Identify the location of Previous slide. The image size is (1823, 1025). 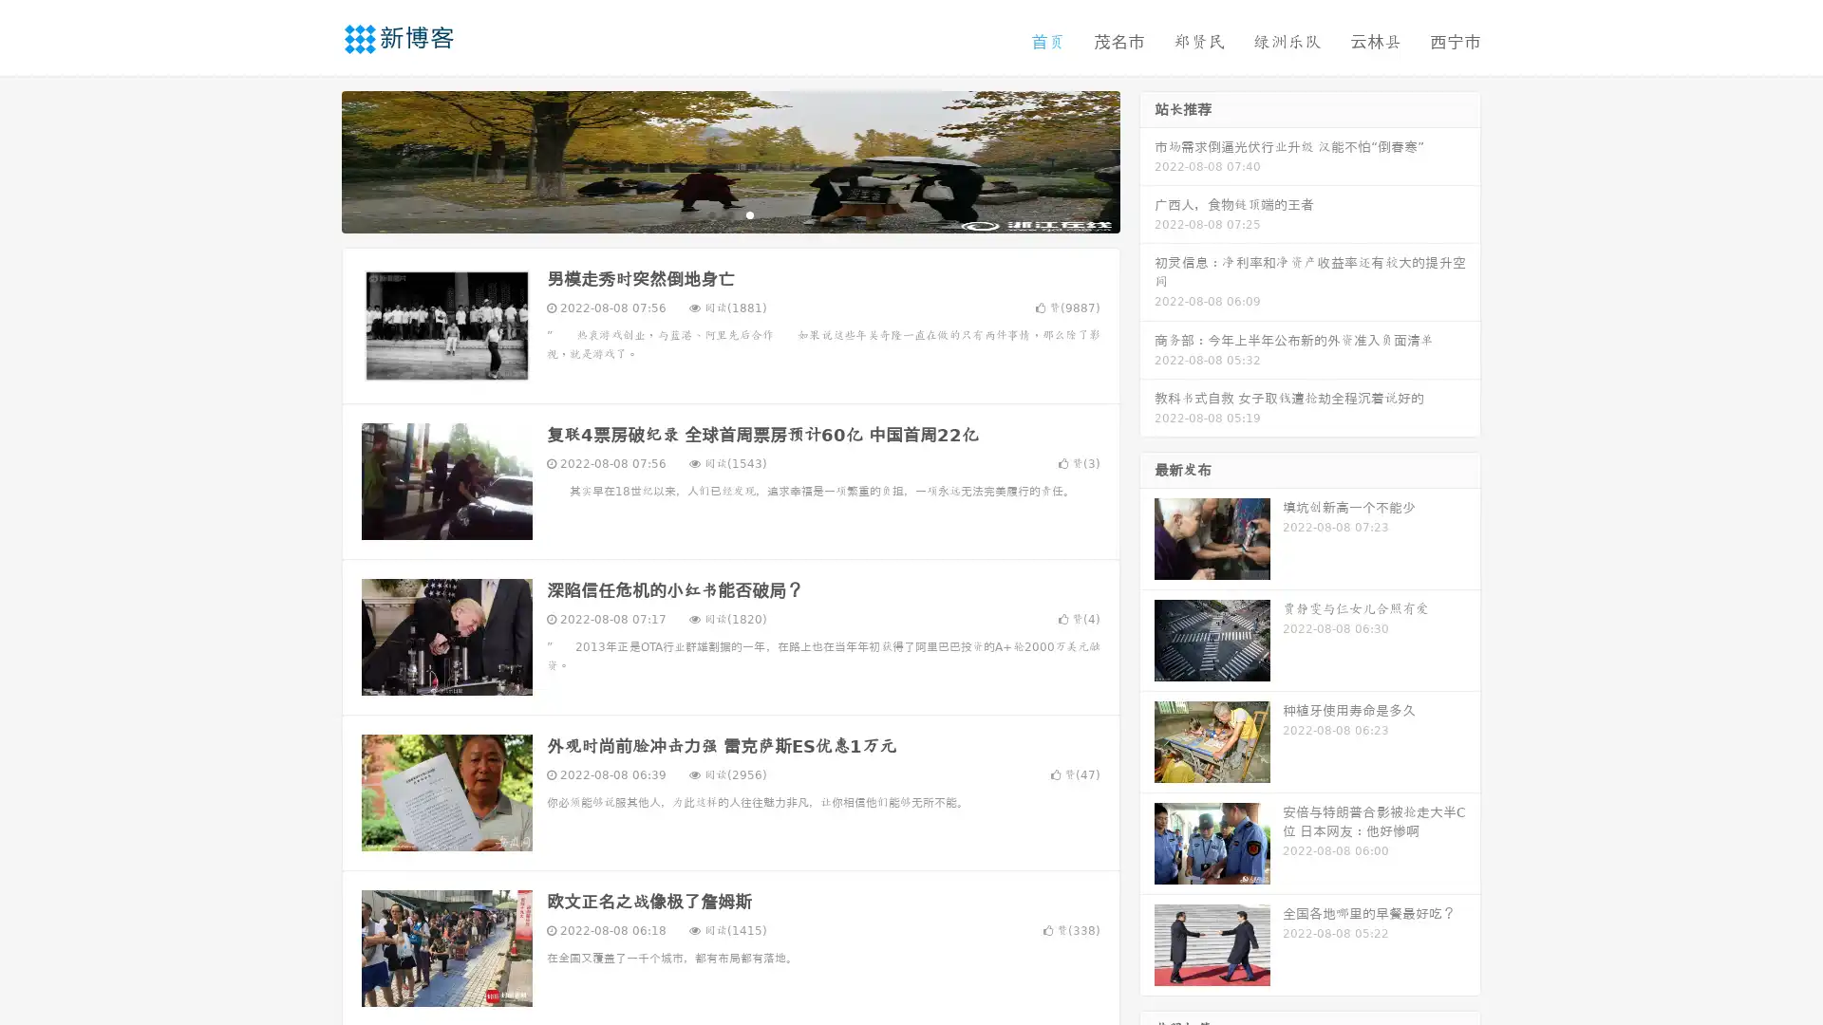
(313, 159).